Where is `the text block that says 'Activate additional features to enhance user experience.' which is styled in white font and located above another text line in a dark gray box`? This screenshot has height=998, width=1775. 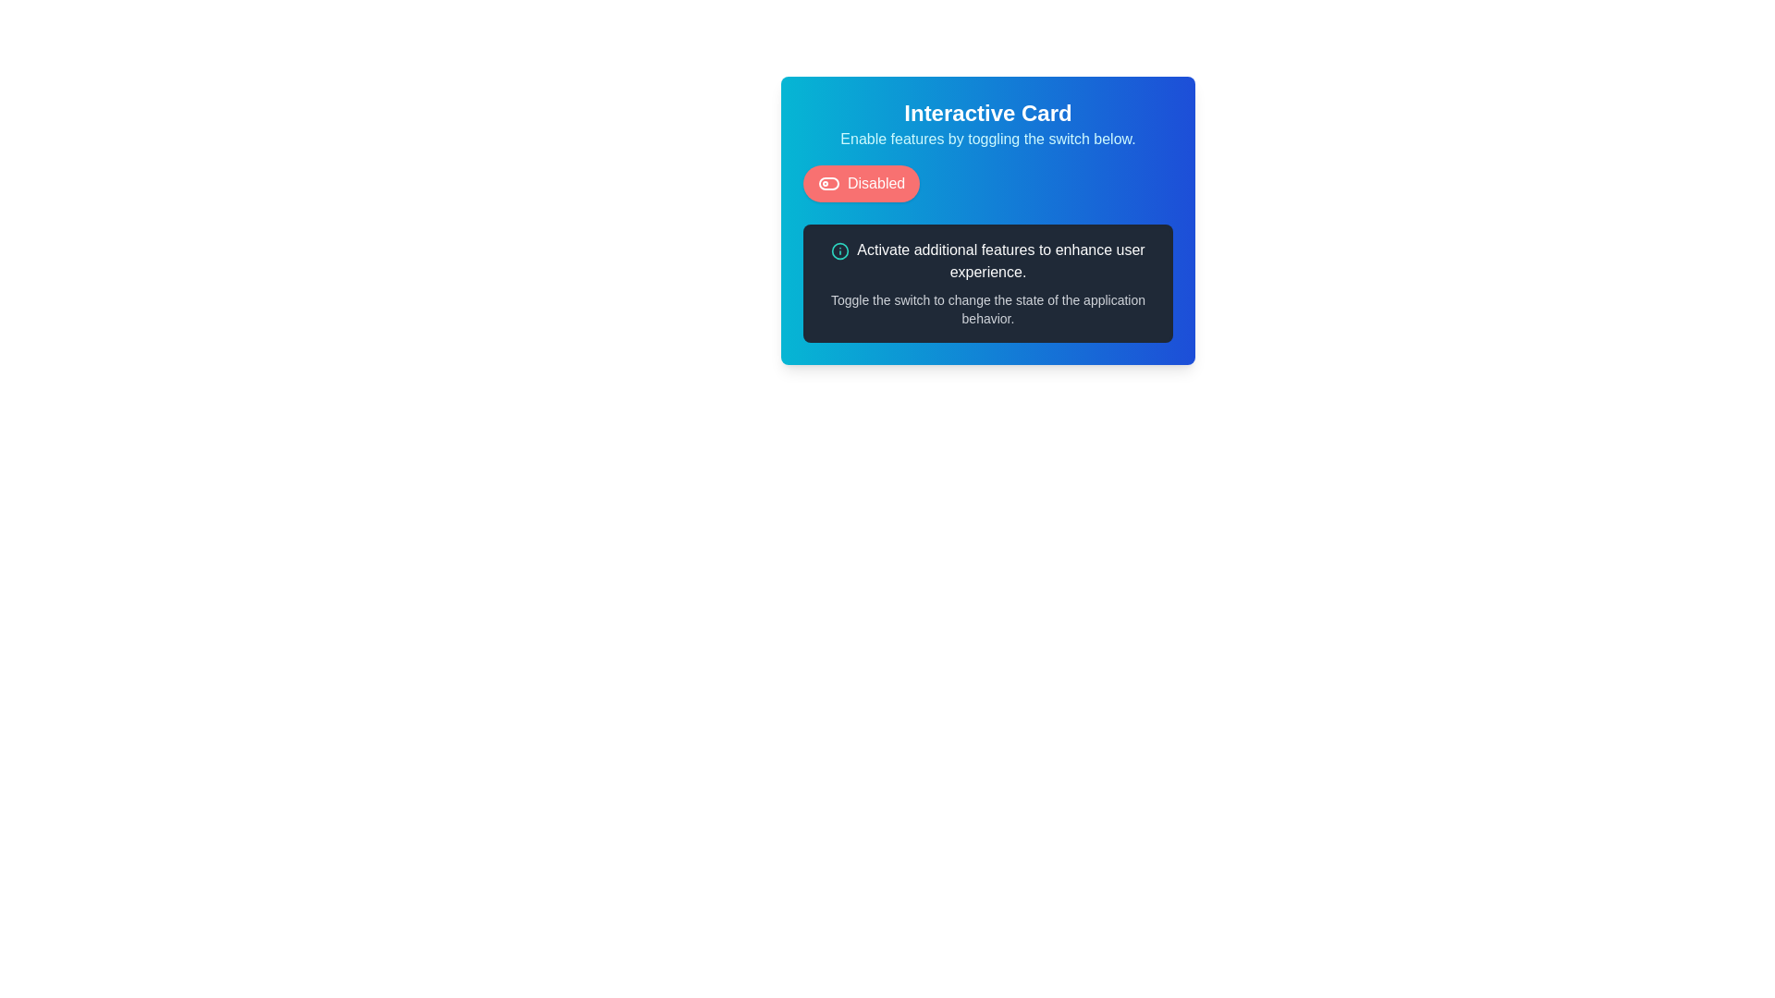
the text block that says 'Activate additional features to enhance user experience.' which is styled in white font and located above another text line in a dark gray box is located at coordinates (987, 261).